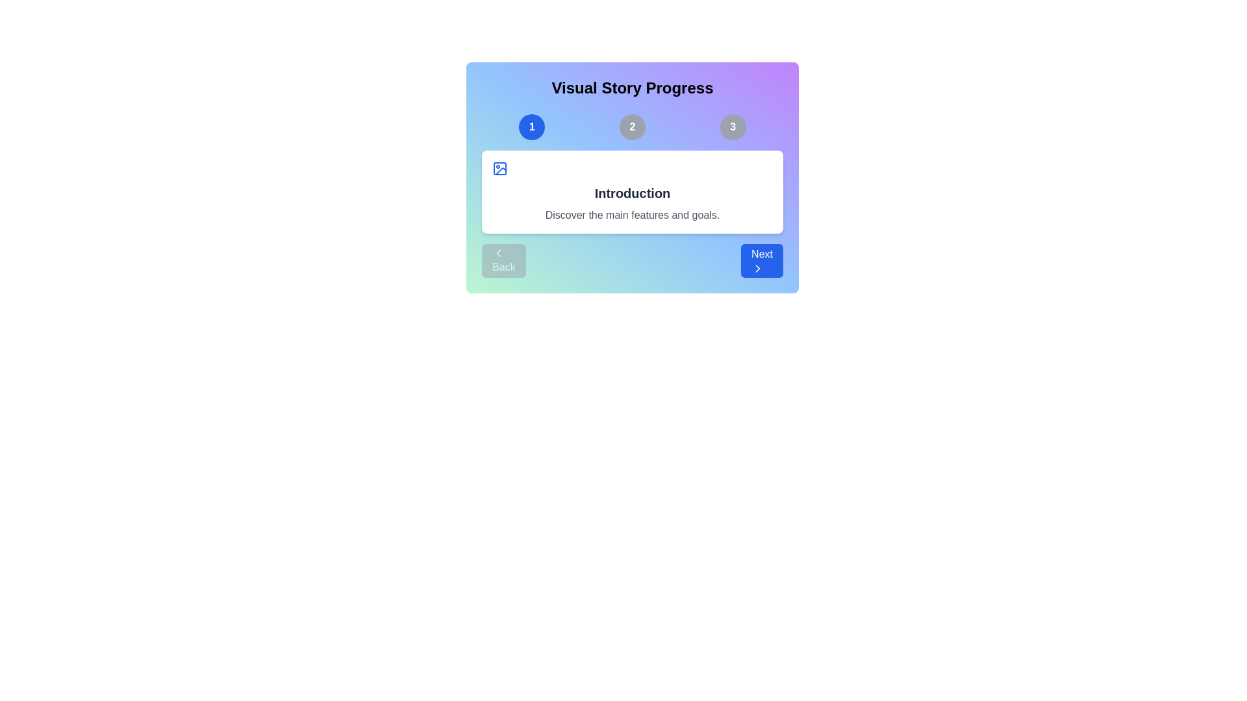 The height and width of the screenshot is (701, 1247). I want to click on the slide number indicator corresponding to slide 3, so click(733, 127).